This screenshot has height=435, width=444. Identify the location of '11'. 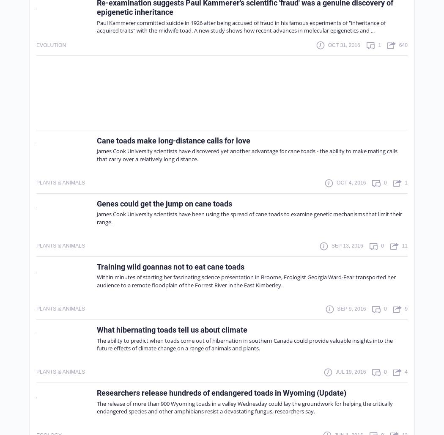
(401, 245).